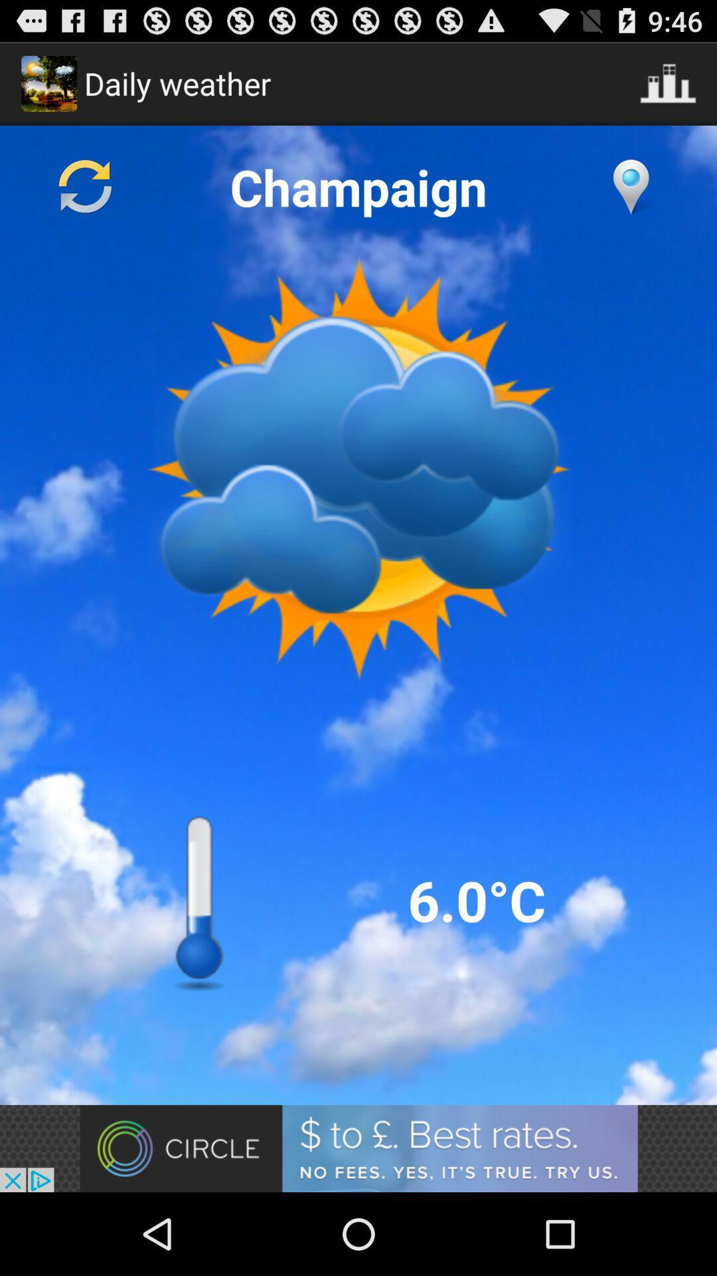  I want to click on advertisement link, so click(358, 1148).